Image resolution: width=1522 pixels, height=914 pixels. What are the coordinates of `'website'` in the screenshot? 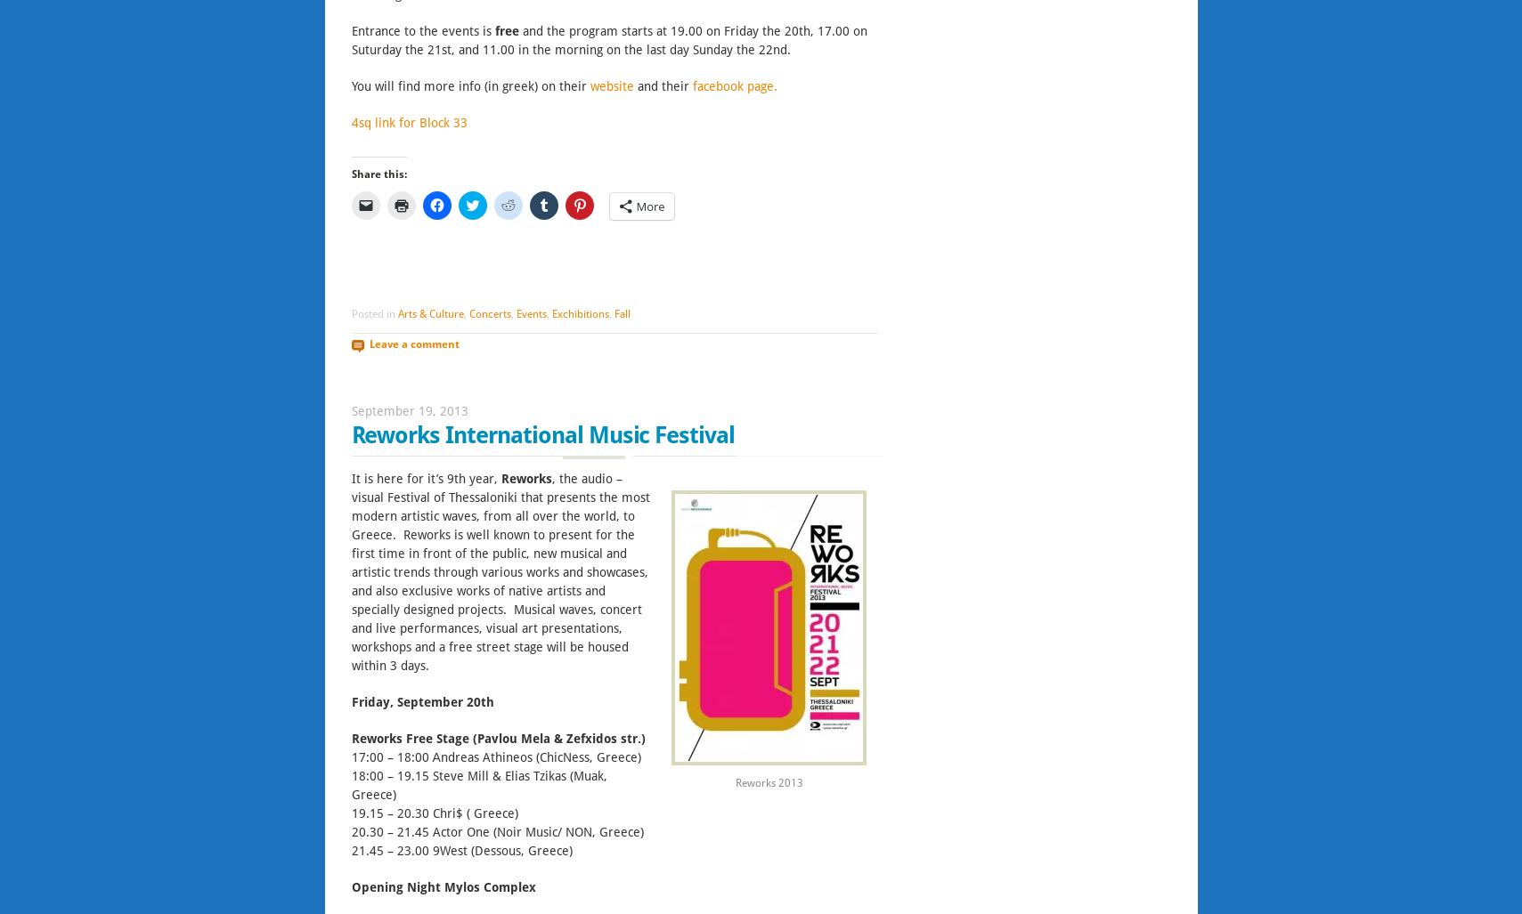 It's located at (610, 85).